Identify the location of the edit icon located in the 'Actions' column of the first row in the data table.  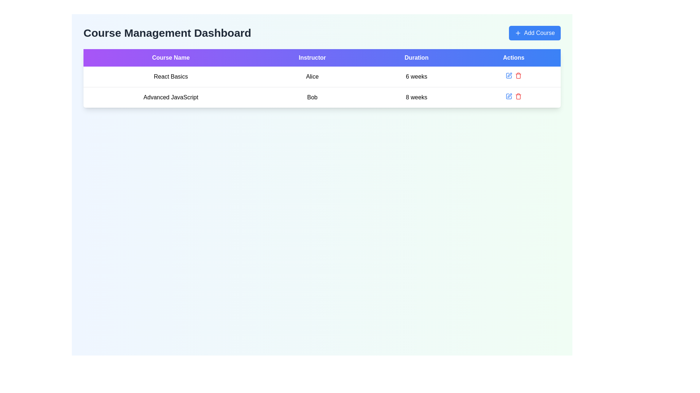
(509, 74).